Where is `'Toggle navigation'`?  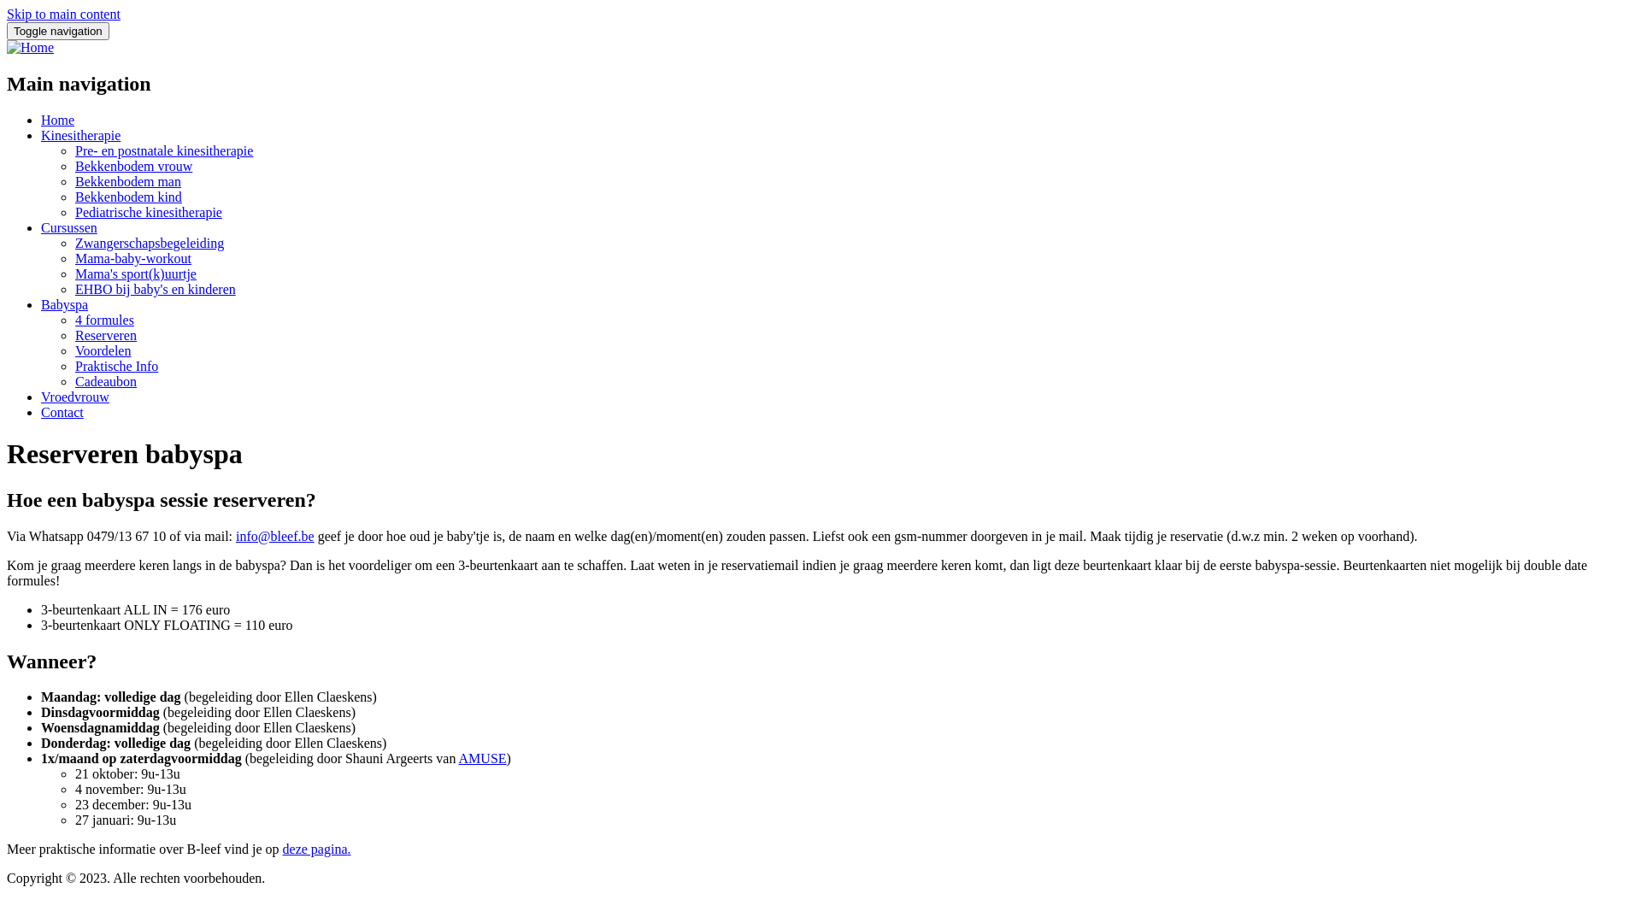
'Toggle navigation' is located at coordinates (57, 31).